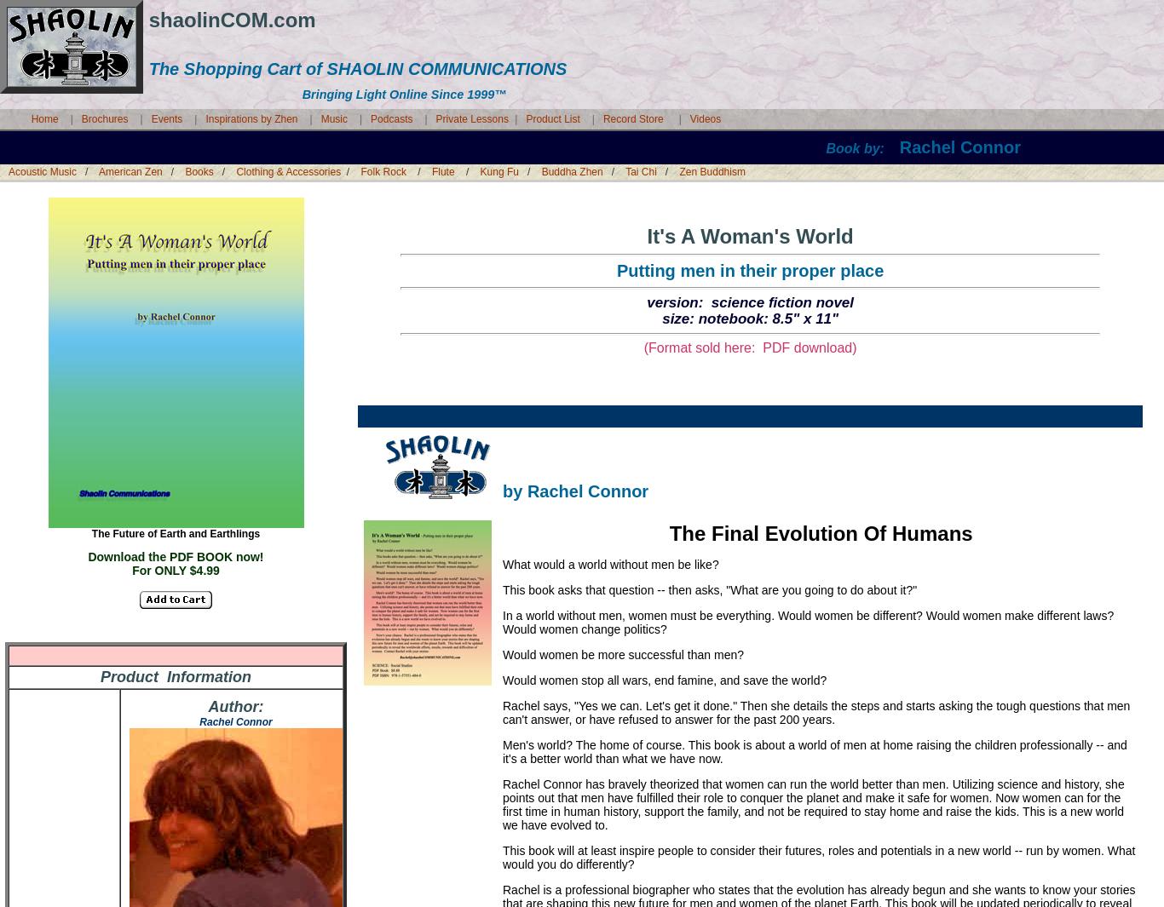  Describe the element at coordinates (748, 235) in the screenshot. I see `'It's A Woman's World'` at that location.